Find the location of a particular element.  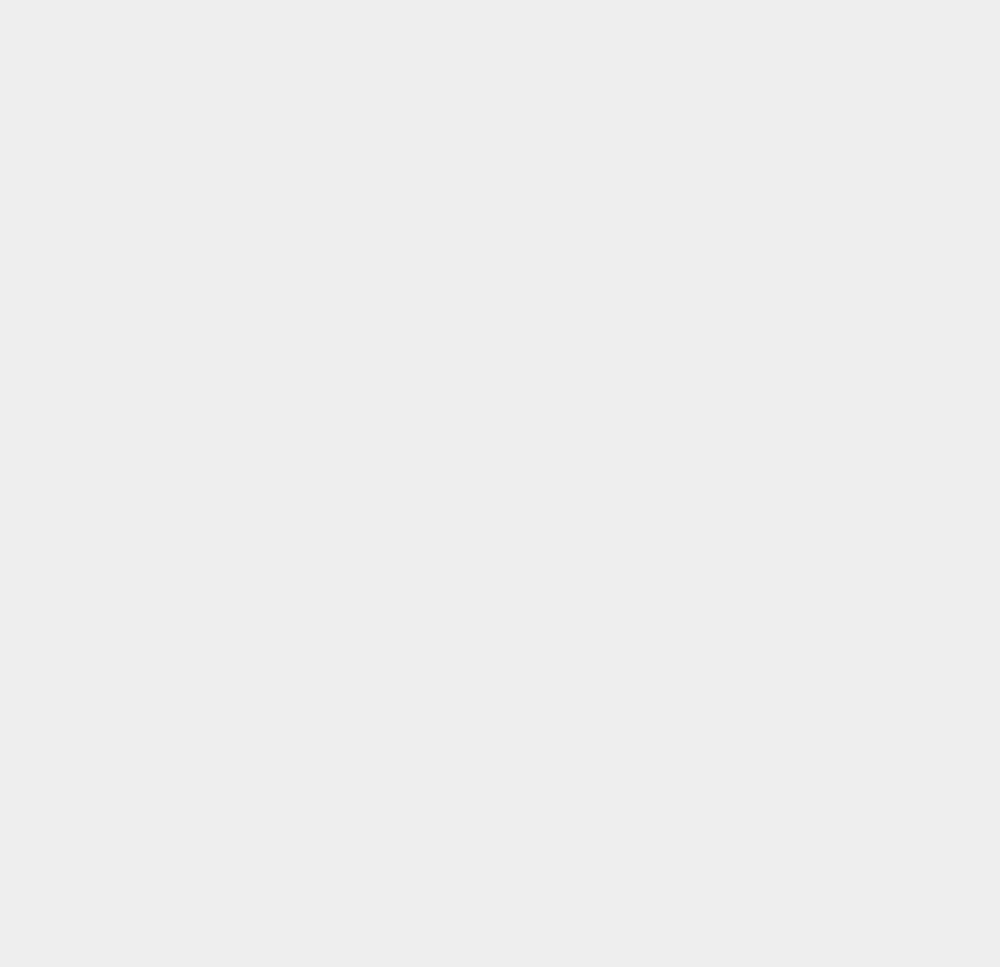

'Stock' is located at coordinates (723, 274).